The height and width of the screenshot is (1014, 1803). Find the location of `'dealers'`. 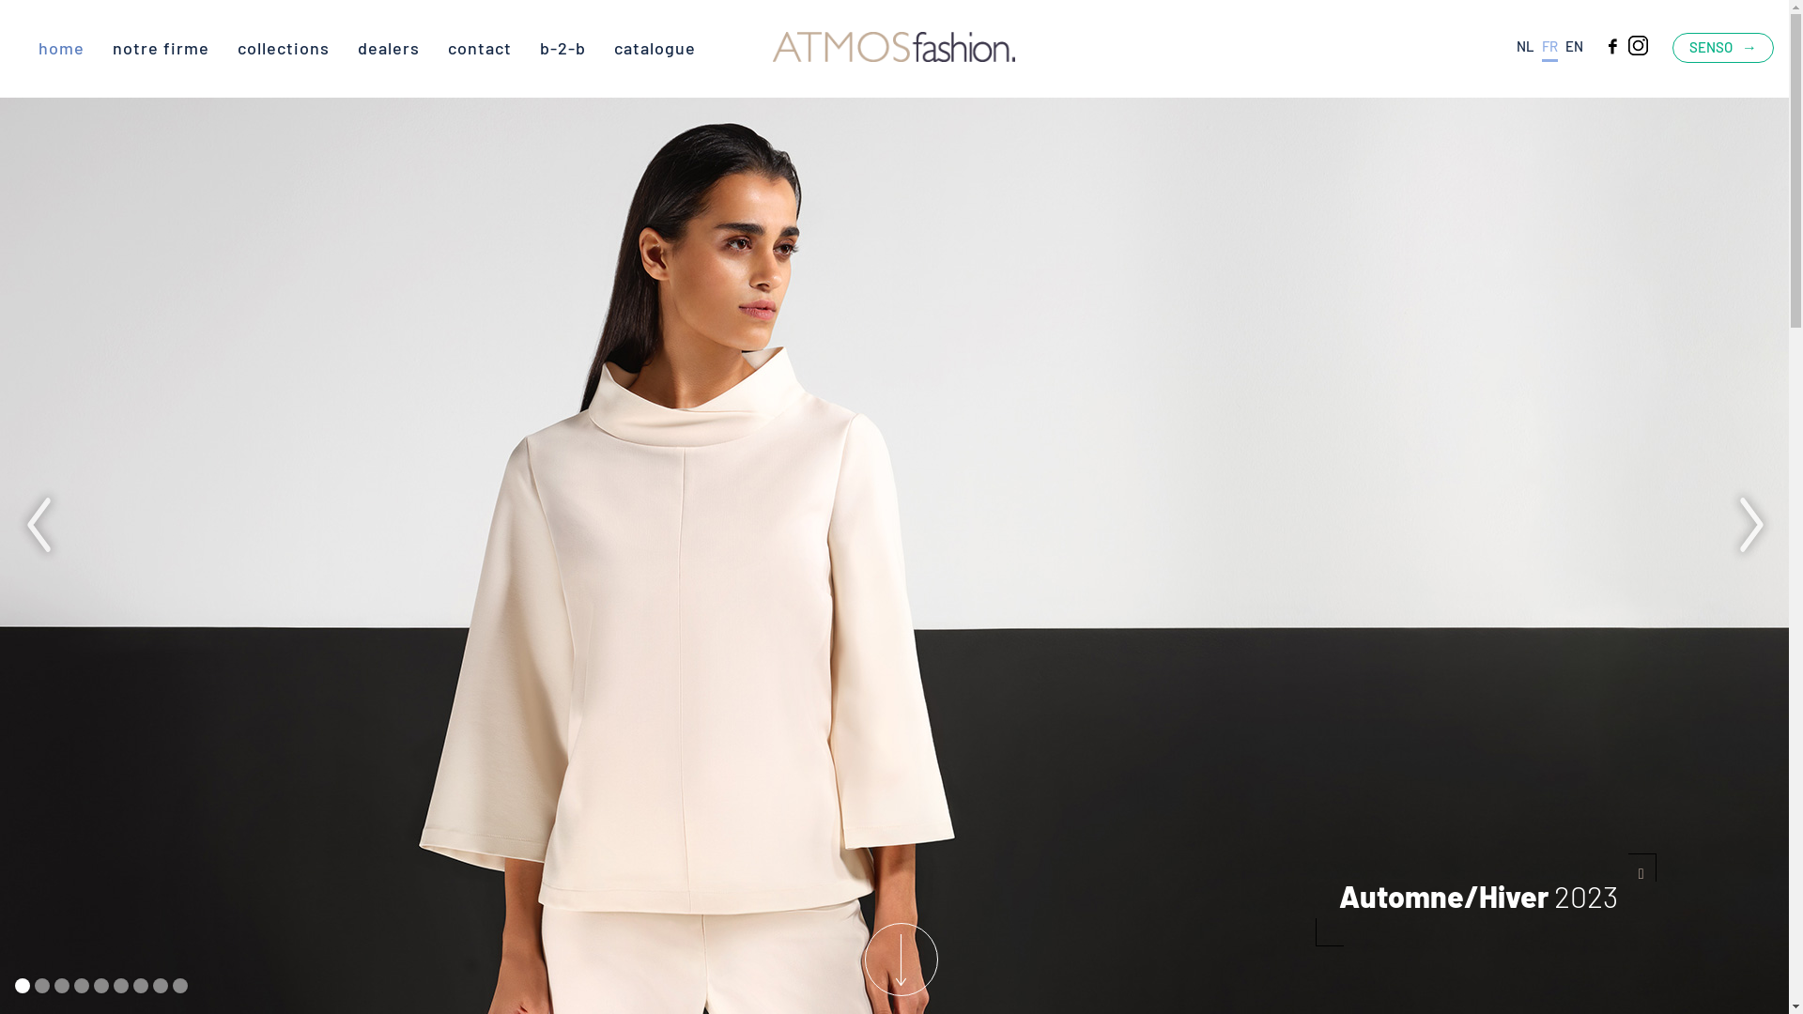

'dealers' is located at coordinates (387, 46).